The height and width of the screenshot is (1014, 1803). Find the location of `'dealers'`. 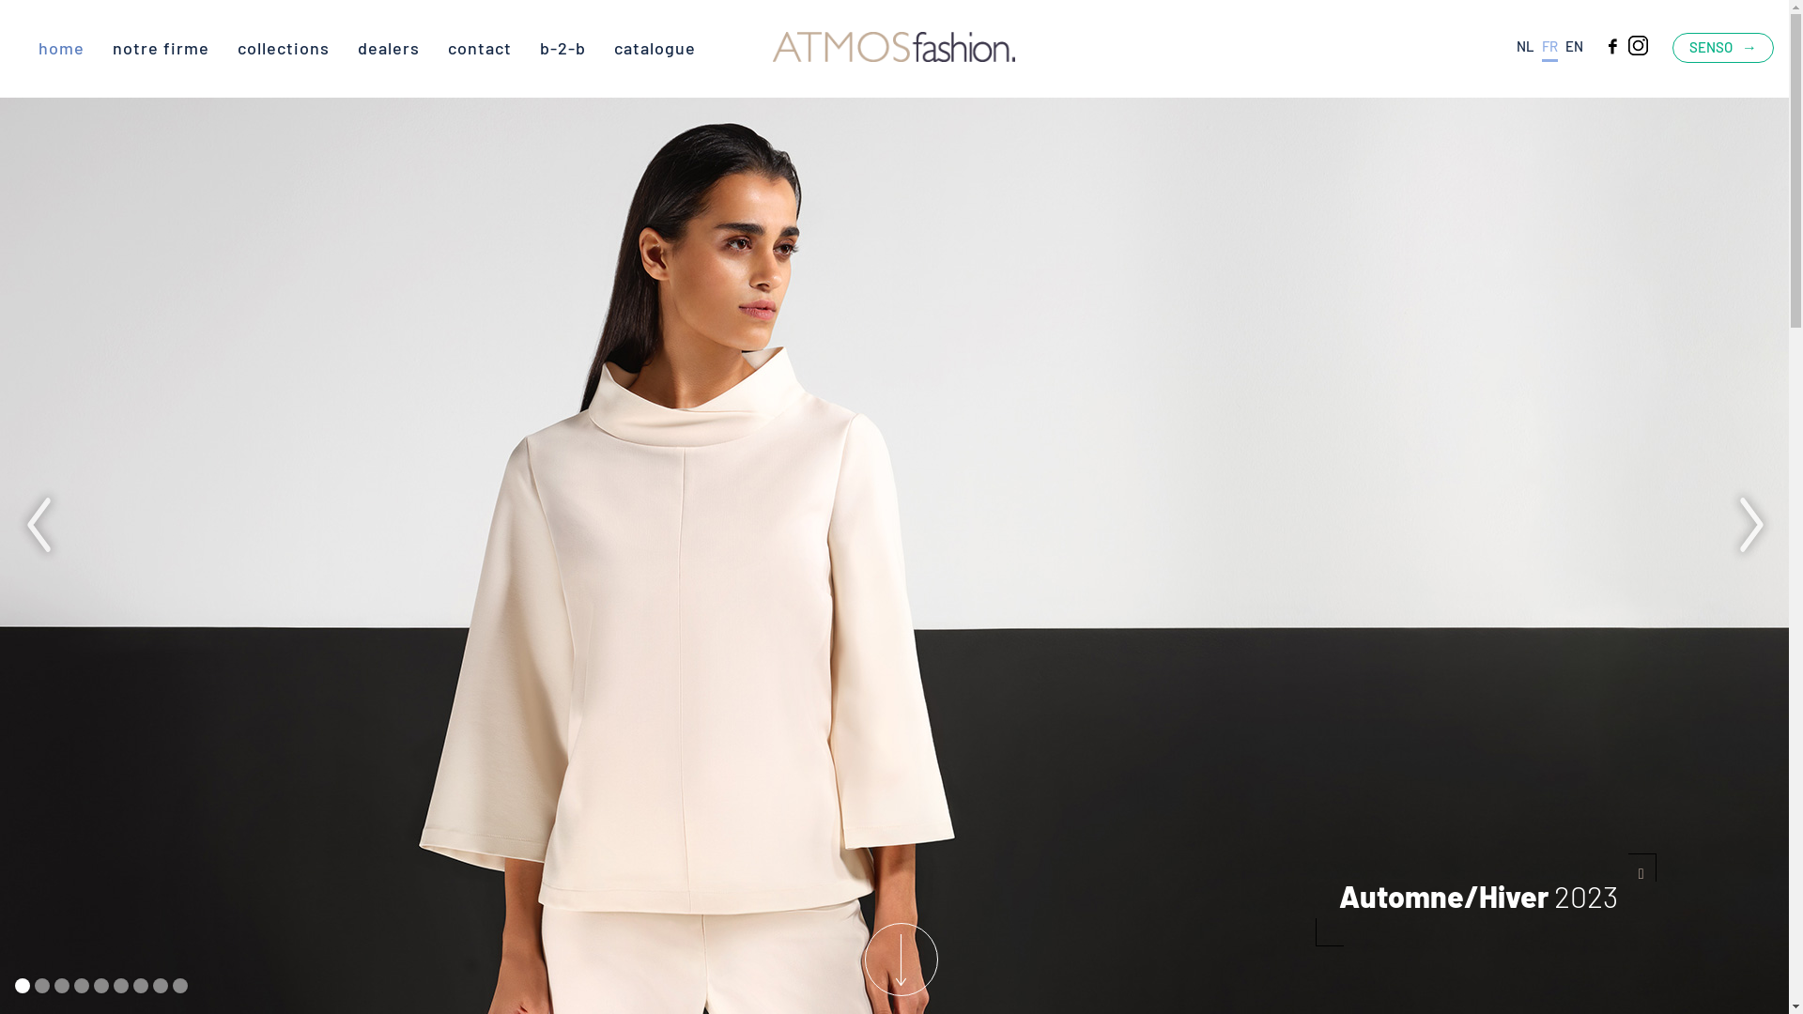

'dealers' is located at coordinates (387, 46).